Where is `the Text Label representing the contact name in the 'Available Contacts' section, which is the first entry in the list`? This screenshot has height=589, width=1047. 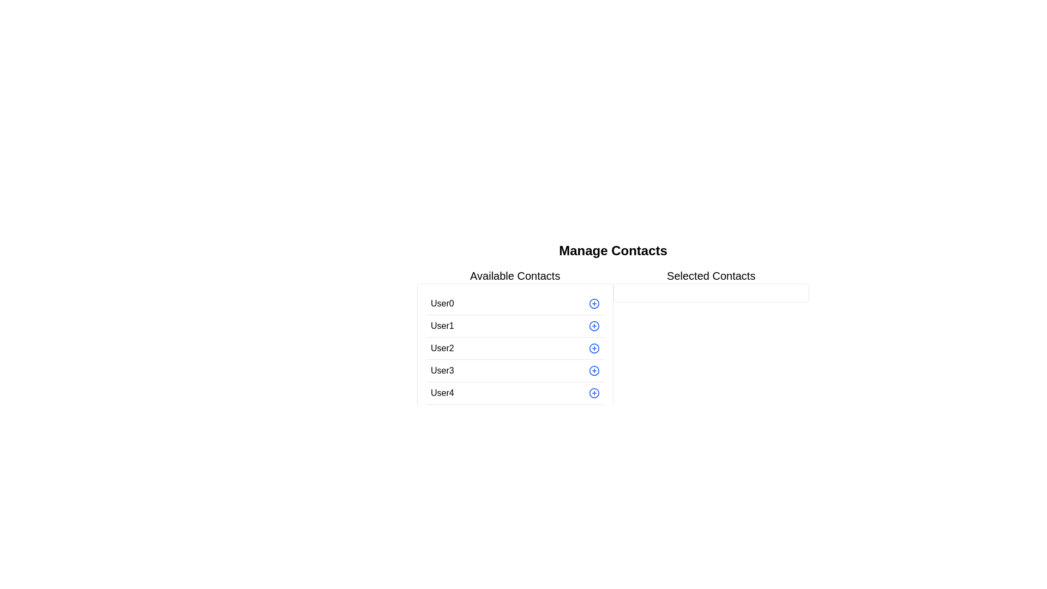
the Text Label representing the contact name in the 'Available Contacts' section, which is the first entry in the list is located at coordinates (442, 303).